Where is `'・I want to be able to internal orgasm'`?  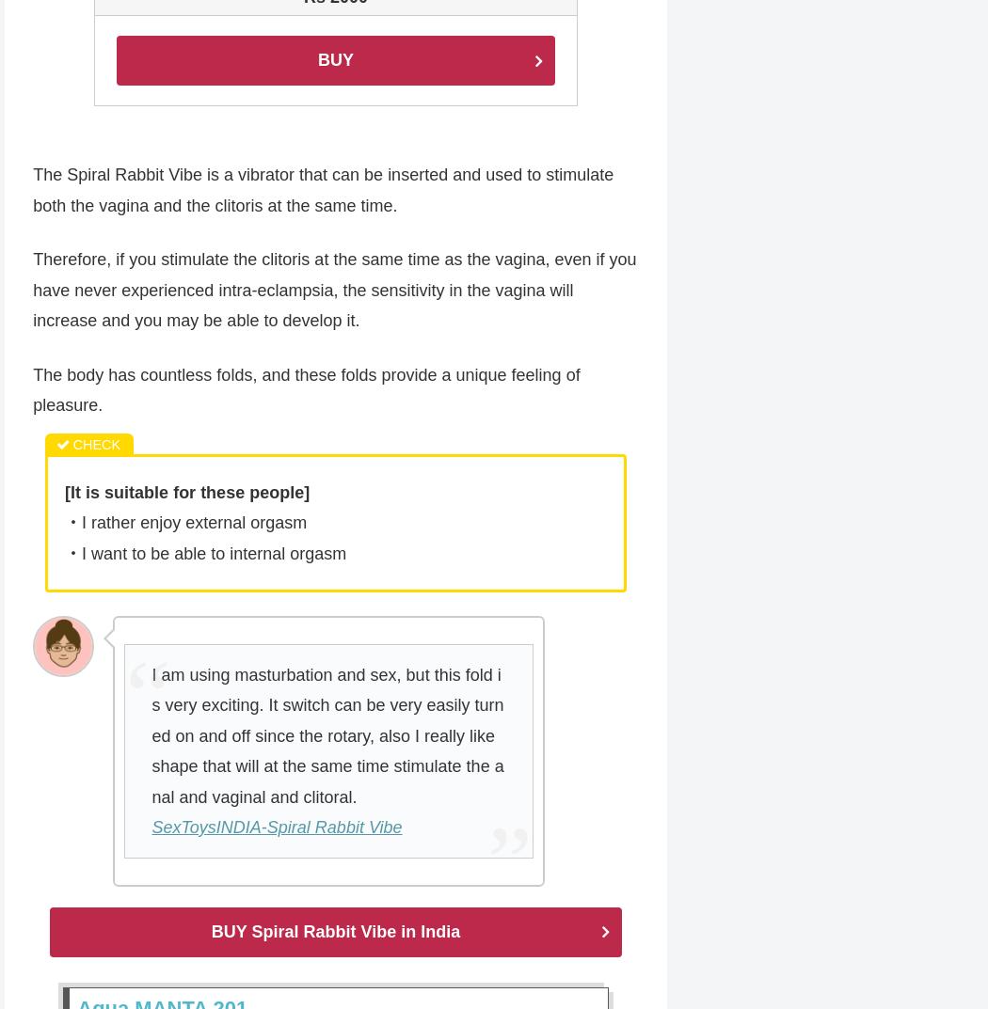 '・I want to be able to internal orgasm' is located at coordinates (204, 555).